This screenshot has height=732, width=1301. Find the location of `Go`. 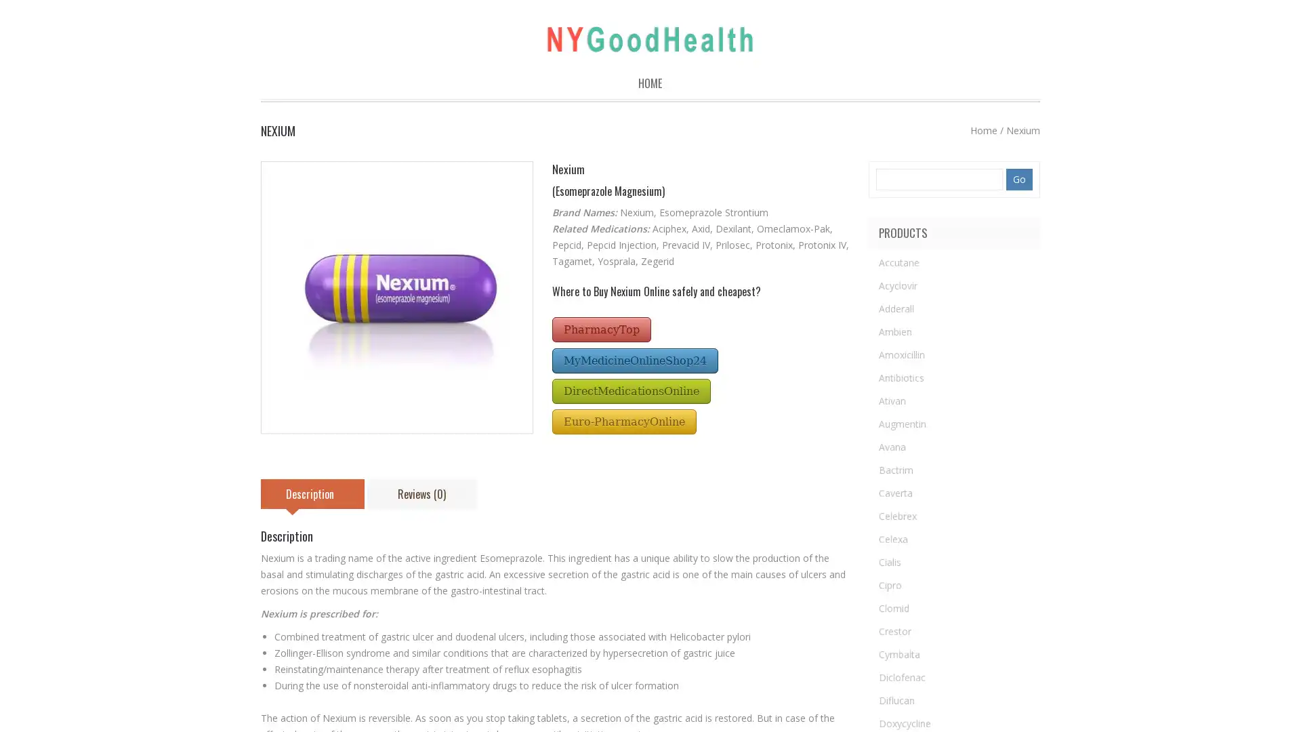

Go is located at coordinates (1019, 179).